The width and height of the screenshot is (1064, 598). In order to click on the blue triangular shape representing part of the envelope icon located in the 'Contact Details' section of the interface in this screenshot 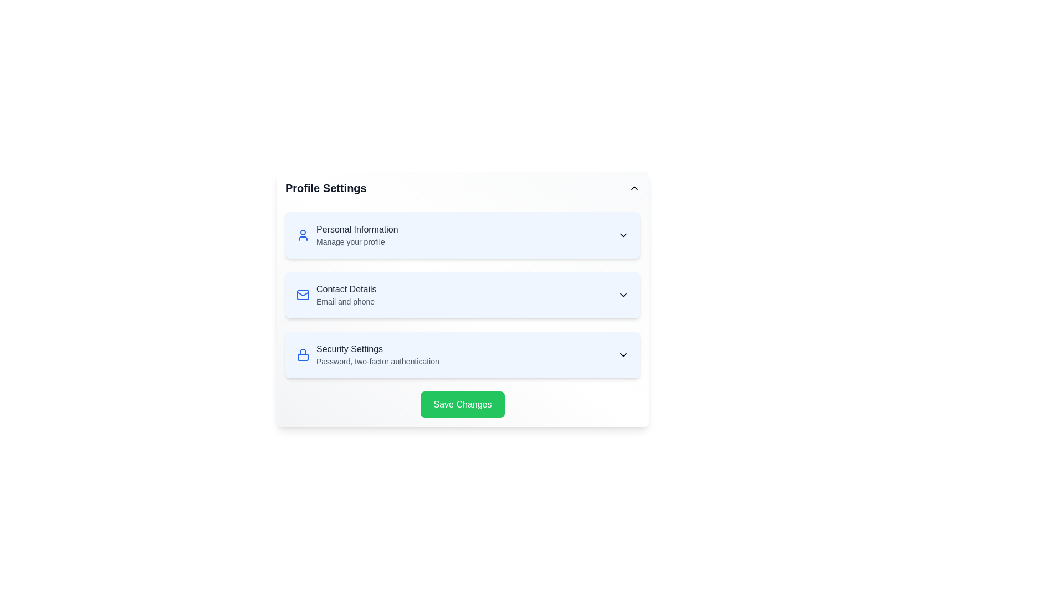, I will do `click(303, 292)`.